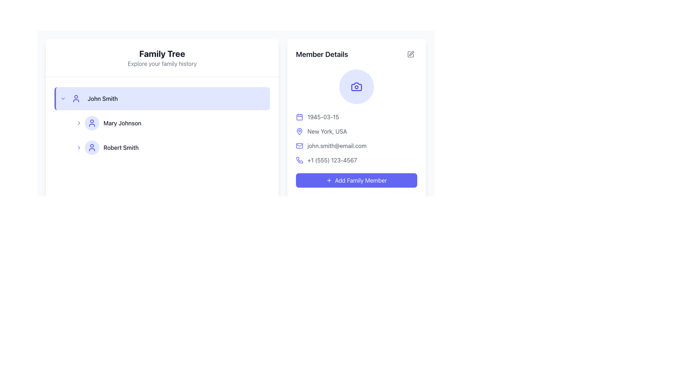 Image resolution: width=693 pixels, height=389 pixels. I want to click on the text label representing 'Mary Johnson', which is located in the second row under 'John Smith' in the family tree list, so click(122, 123).